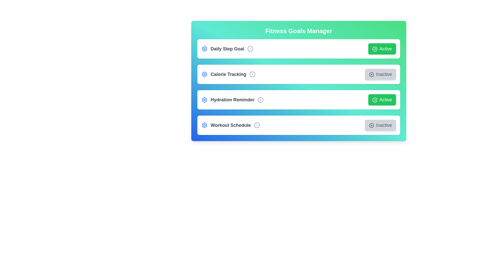 Image resolution: width=489 pixels, height=275 pixels. Describe the element at coordinates (252, 74) in the screenshot. I see `the Info icon corresponding to the Calorie Tracking goal to view additional information` at that location.